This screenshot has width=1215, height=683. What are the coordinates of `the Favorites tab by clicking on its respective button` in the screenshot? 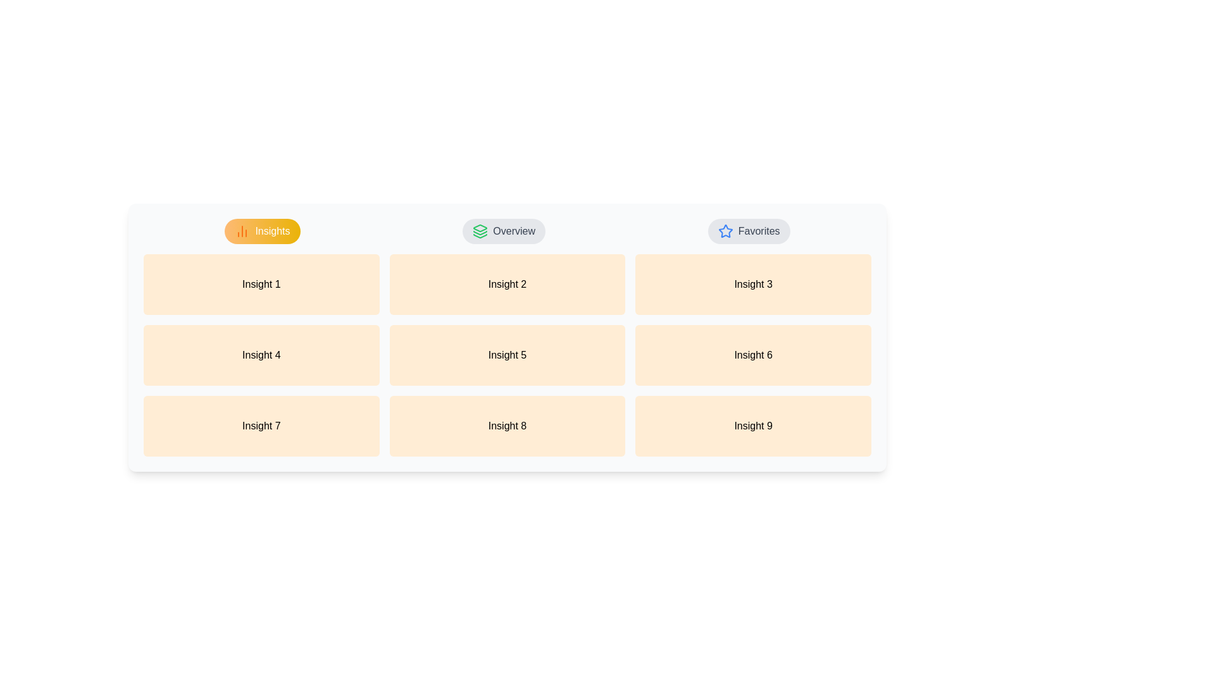 It's located at (749, 231).